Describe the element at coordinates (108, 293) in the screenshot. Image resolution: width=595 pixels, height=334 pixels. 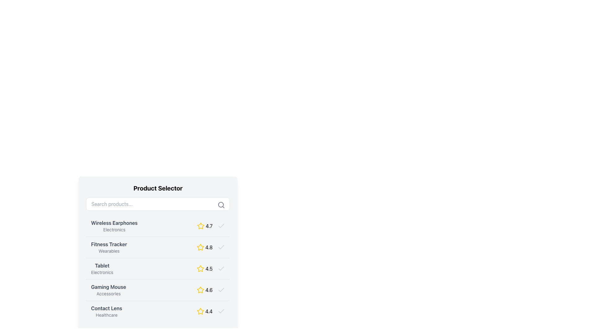
I see `the static text label containing the word 'Accessories', which is styled in a smaller, lighter font and located beneath the 'Gaming Mouse' label in the 'Product Selector' view` at that location.